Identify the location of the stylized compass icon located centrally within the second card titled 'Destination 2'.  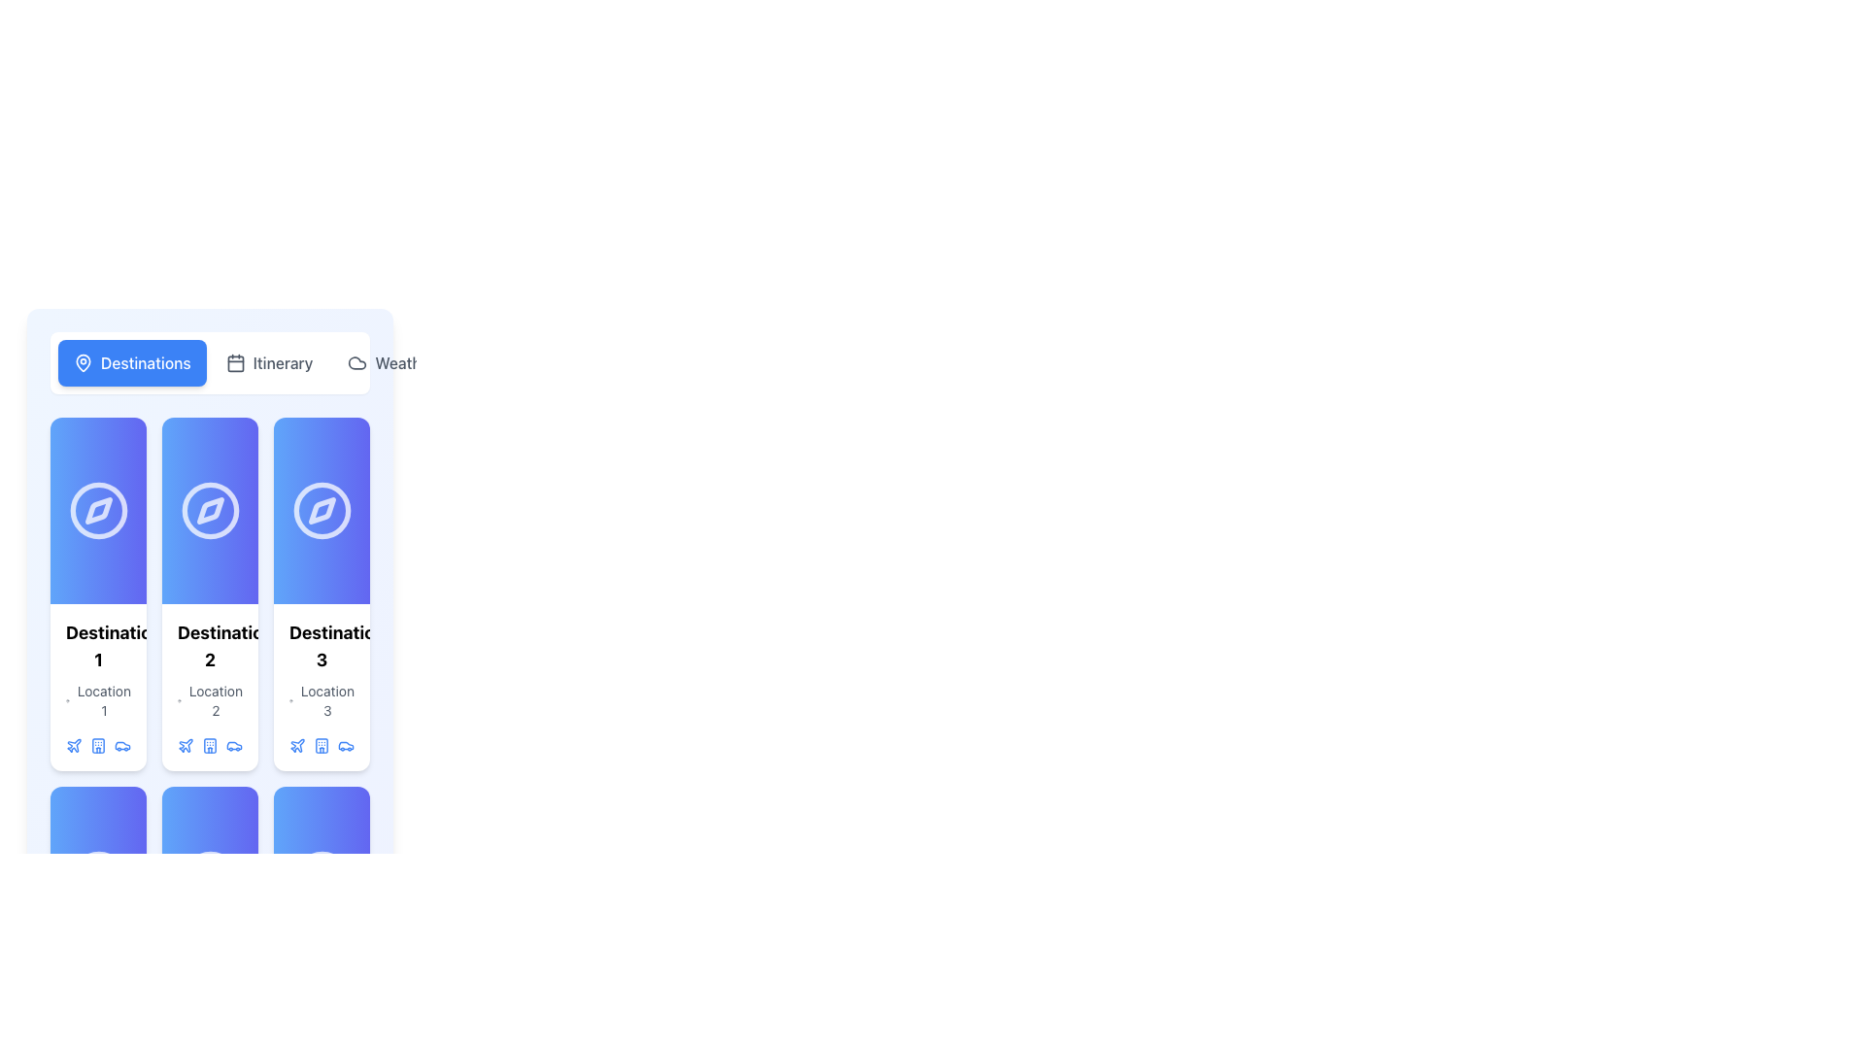
(210, 509).